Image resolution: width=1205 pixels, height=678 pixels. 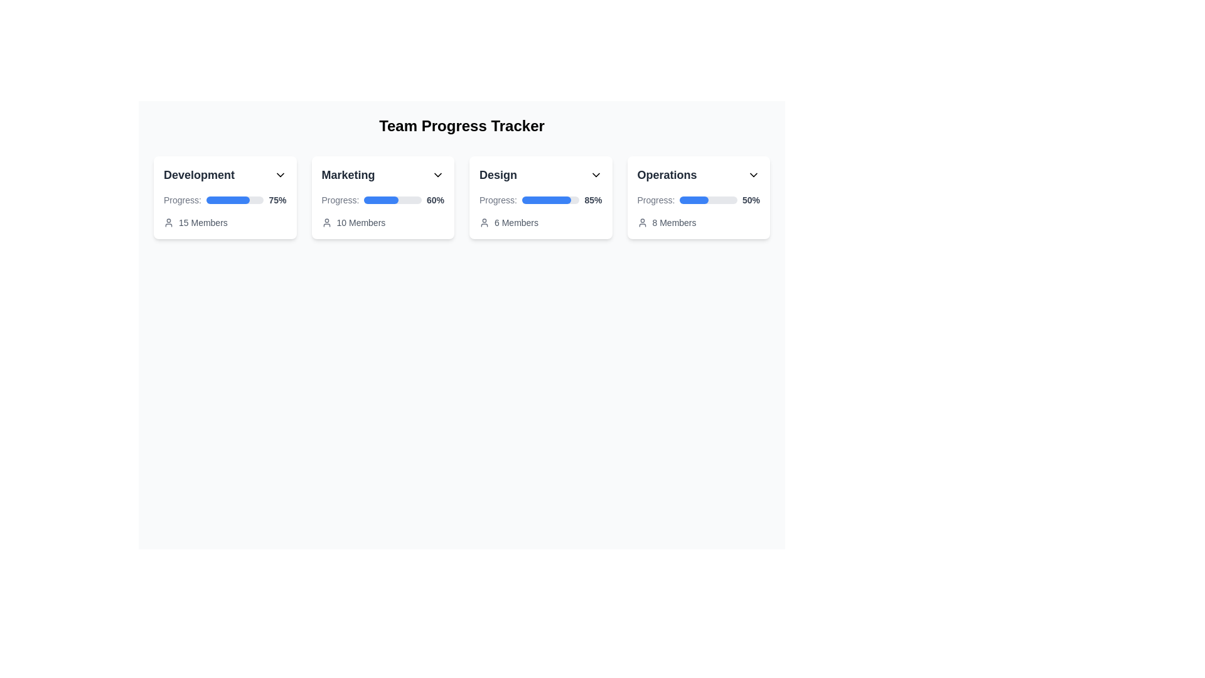 What do you see at coordinates (461, 126) in the screenshot?
I see `text content of the bold label that reads 'Team Progress Tracker', which is styled in black and center-aligned at the top of the page` at bounding box center [461, 126].